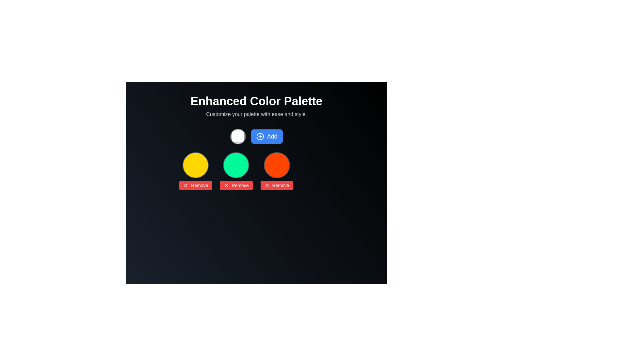 This screenshot has height=352, width=627. What do you see at coordinates (256, 114) in the screenshot?
I see `text element that says 'Customize your palette with ease and style.' which is located beneath 'Enhanced Color Palette' and is styled subtly in gray color` at bounding box center [256, 114].